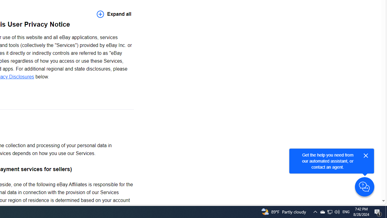 This screenshot has width=387, height=218. I want to click on 'Expand all', so click(114, 14).